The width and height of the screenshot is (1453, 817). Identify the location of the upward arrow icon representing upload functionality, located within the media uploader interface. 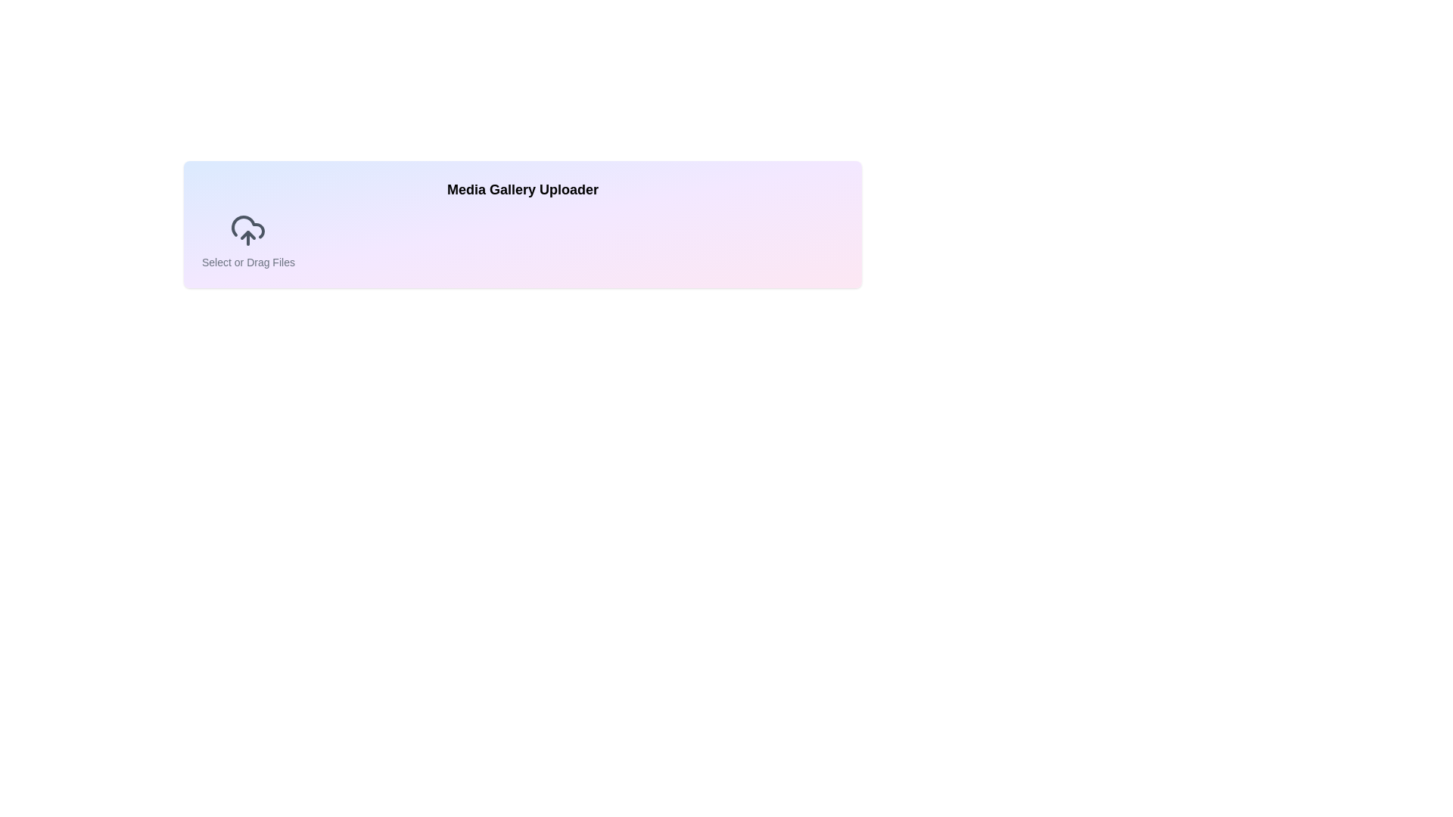
(248, 235).